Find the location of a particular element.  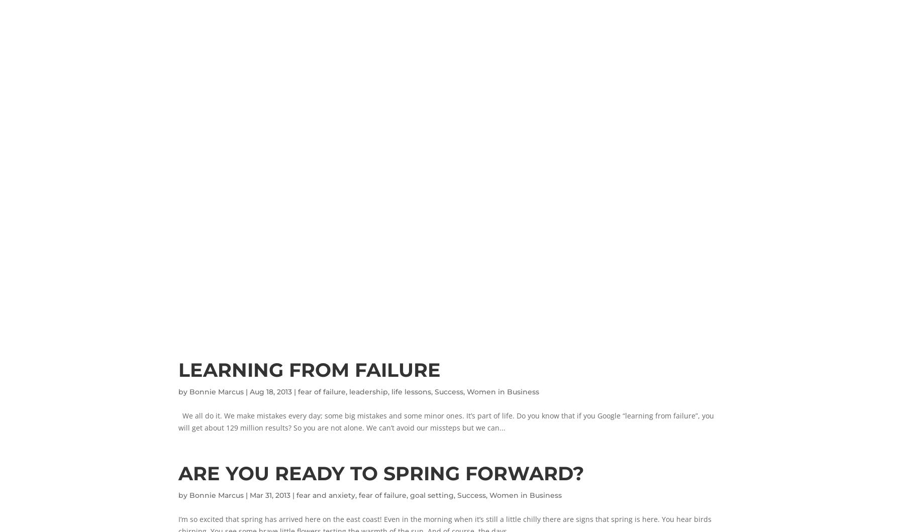

'leadership' is located at coordinates (368, 391).